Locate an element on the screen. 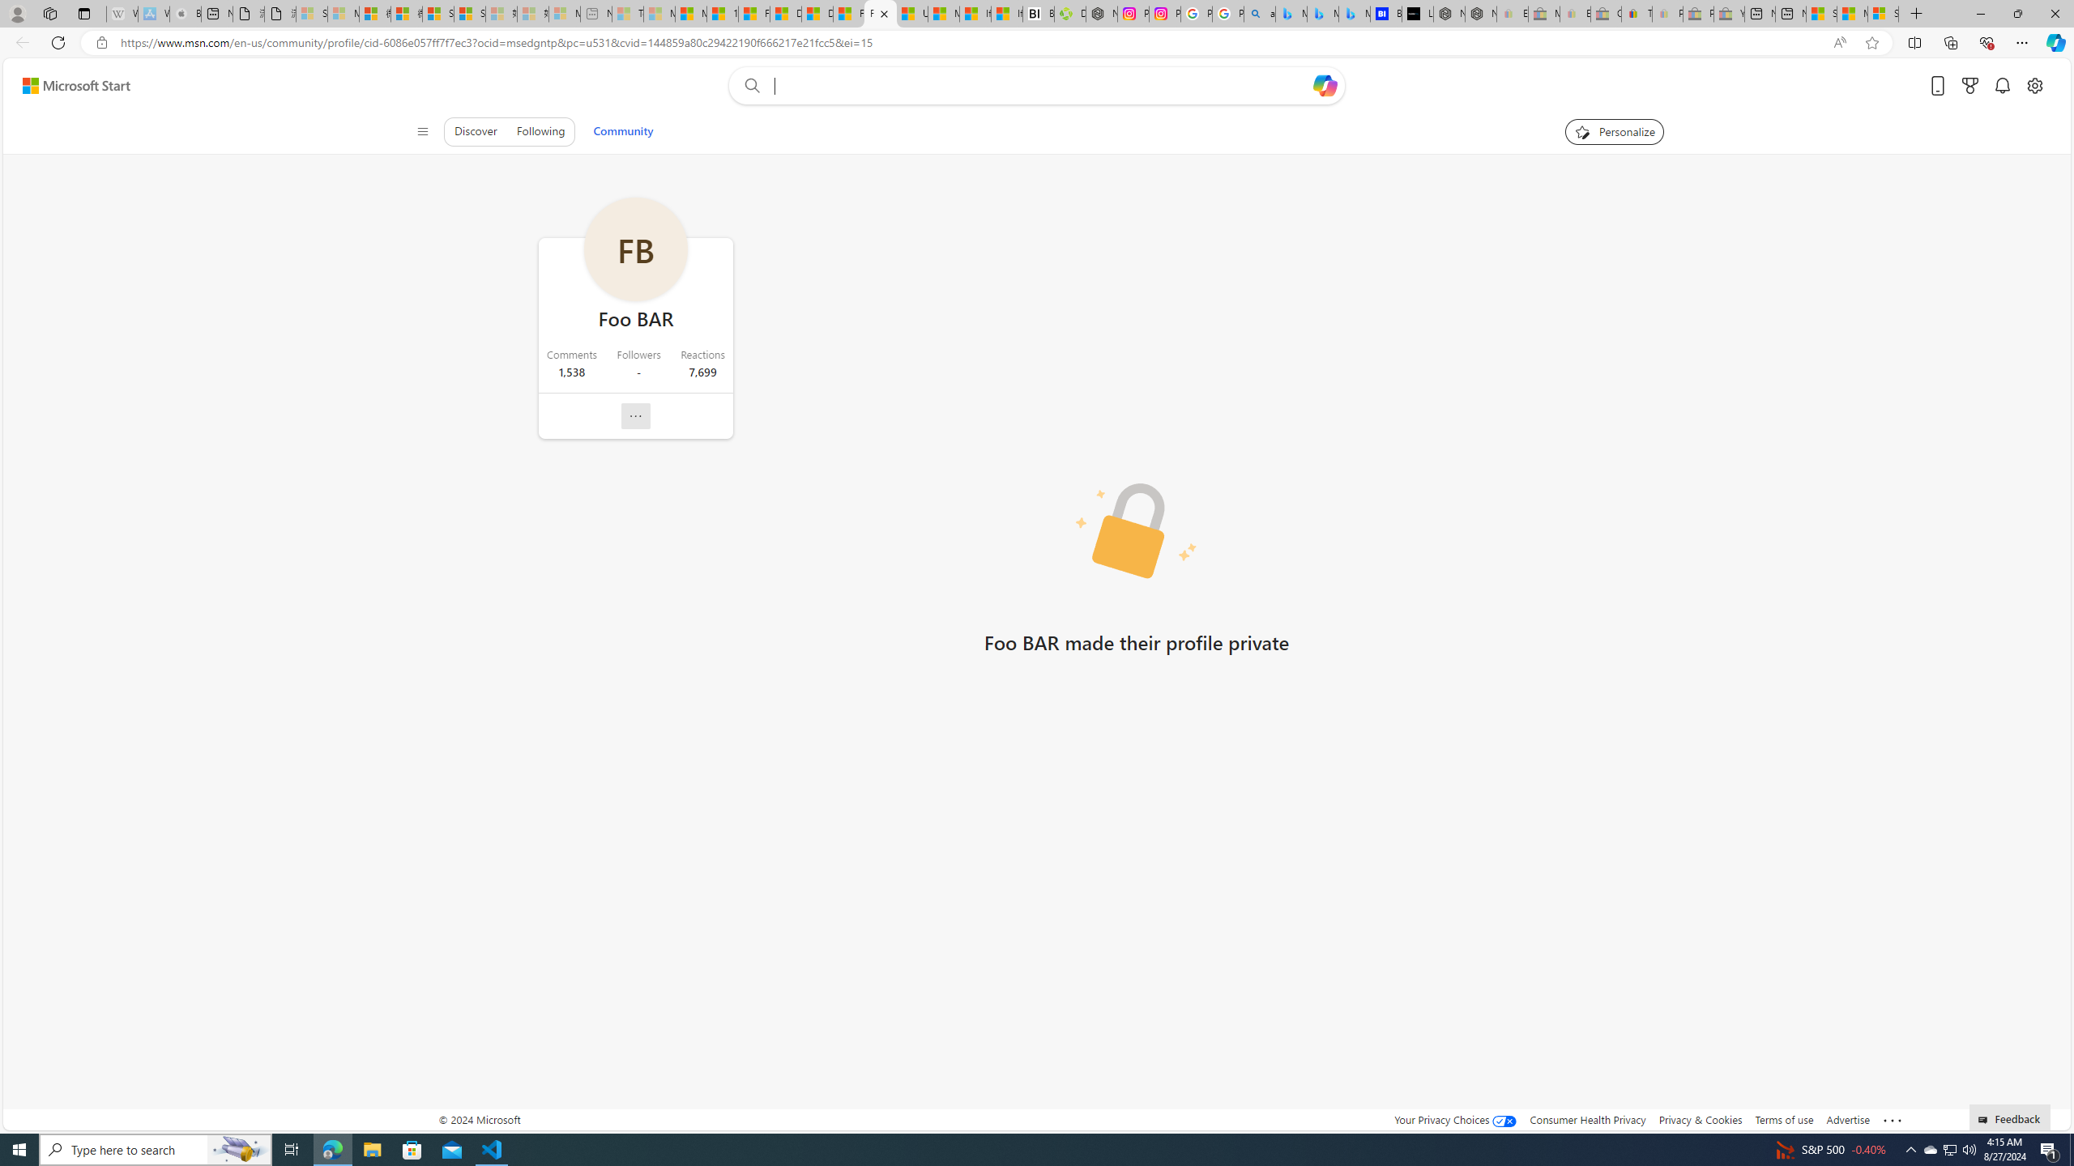  'Microsoft Services Agreement - Sleeping' is located at coordinates (343, 13).